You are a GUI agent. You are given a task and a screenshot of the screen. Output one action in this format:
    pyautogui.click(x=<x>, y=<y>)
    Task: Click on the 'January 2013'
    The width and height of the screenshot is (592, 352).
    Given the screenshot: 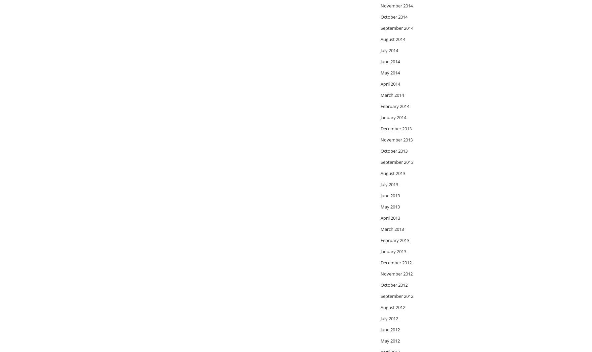 What is the action you would take?
    pyautogui.click(x=381, y=251)
    